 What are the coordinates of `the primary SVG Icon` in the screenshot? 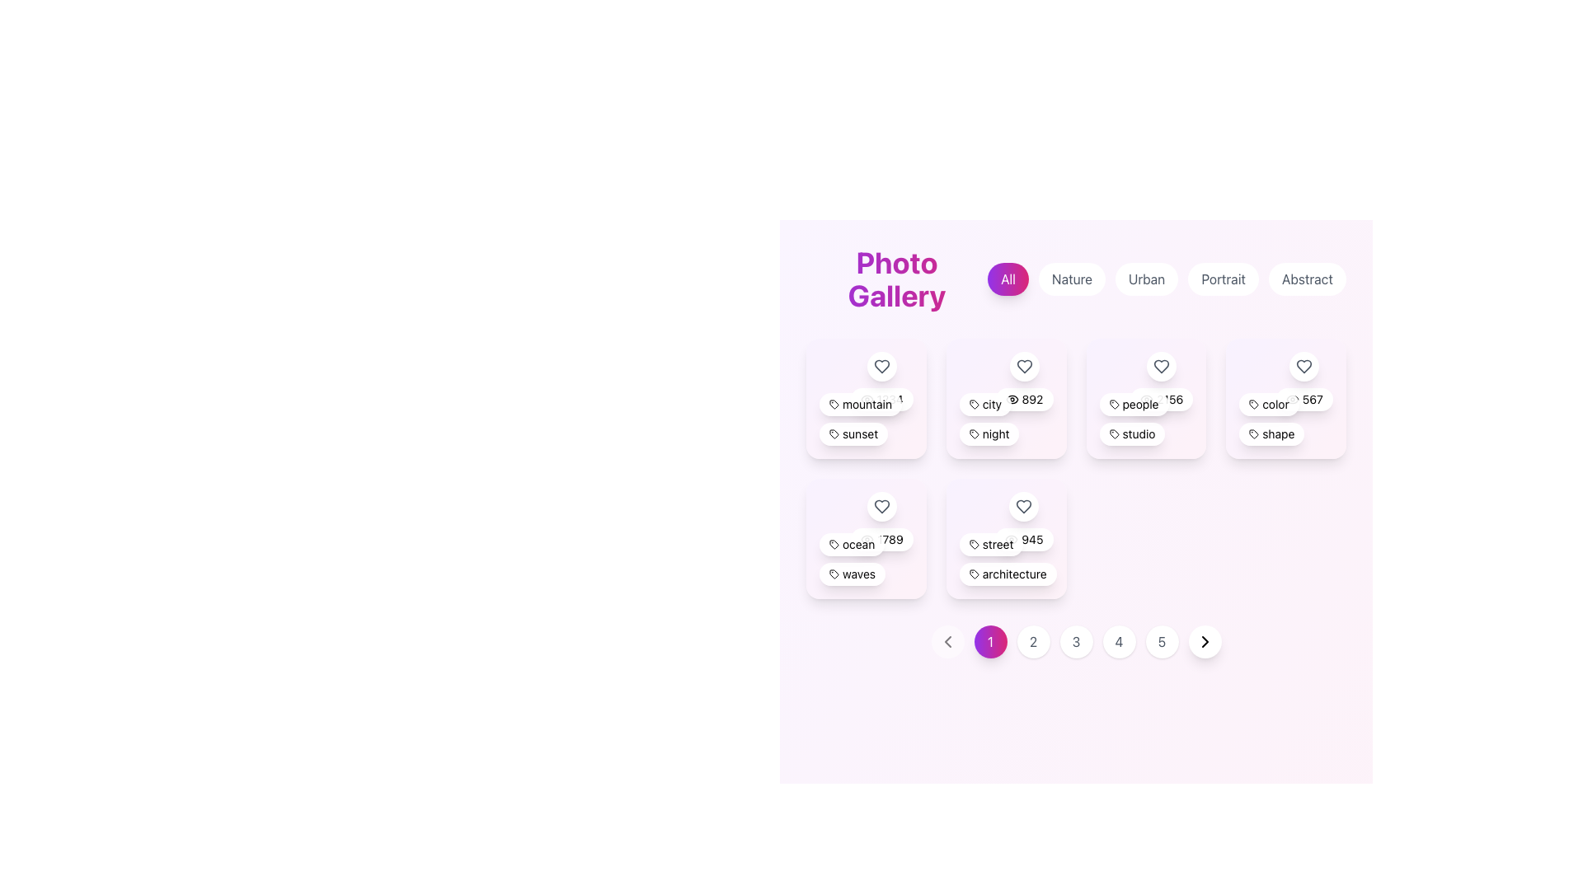 It's located at (834, 573).